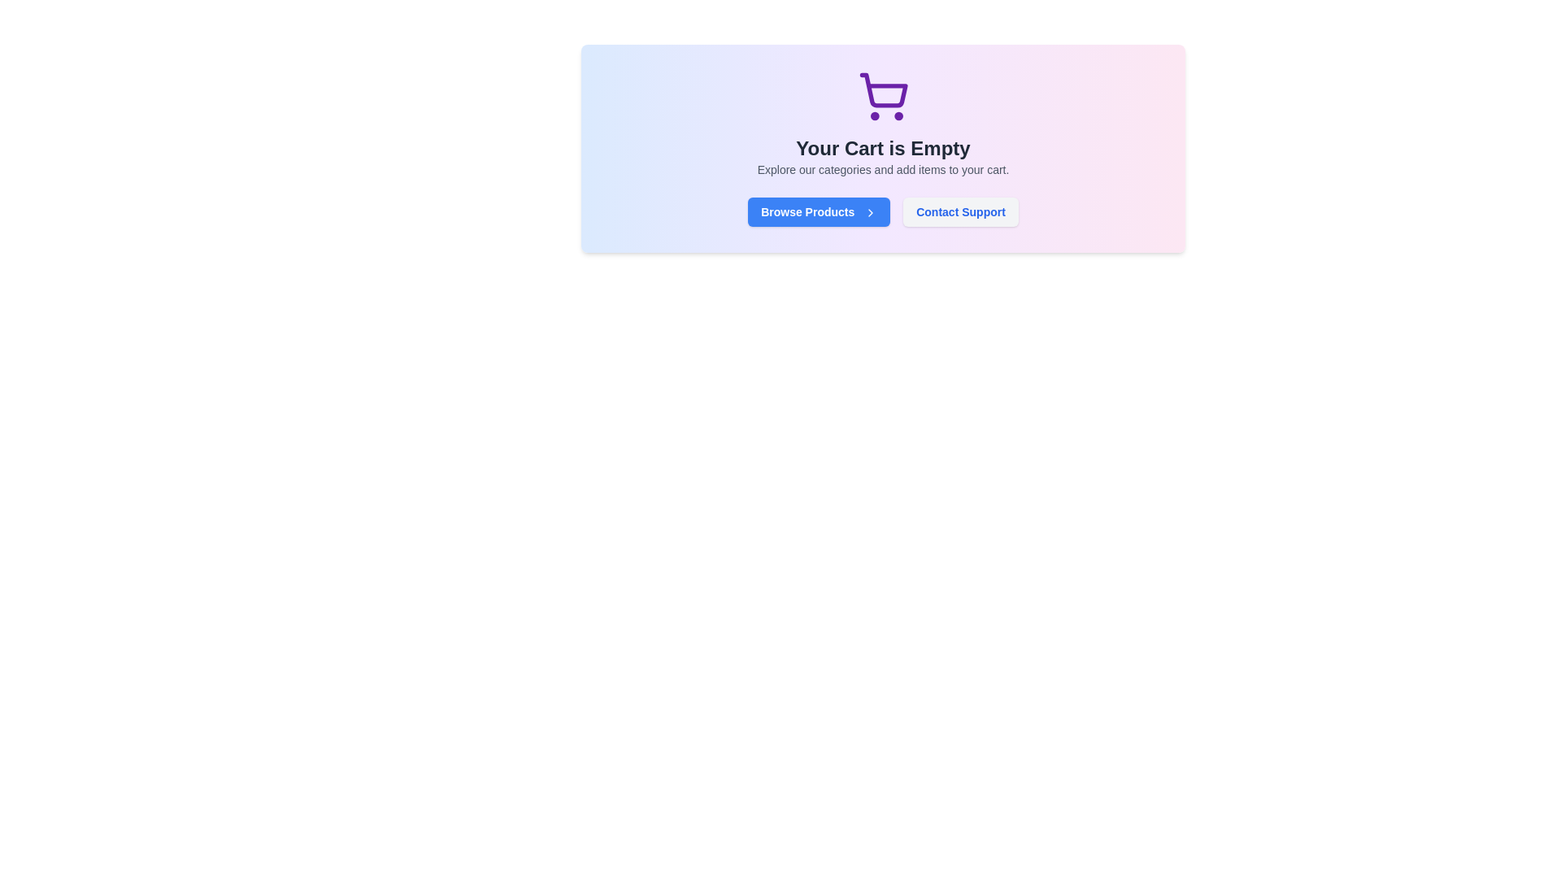  What do you see at coordinates (870, 212) in the screenshot?
I see `the rightward navigation icon located at the far right end of the 'Browse Products' button` at bounding box center [870, 212].